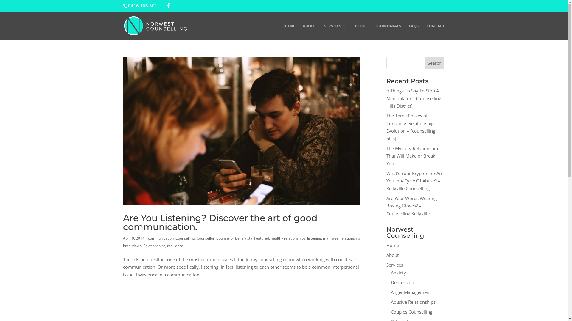 Image resolution: width=572 pixels, height=321 pixels. Describe the element at coordinates (289, 32) in the screenshot. I see `'HOME'` at that location.